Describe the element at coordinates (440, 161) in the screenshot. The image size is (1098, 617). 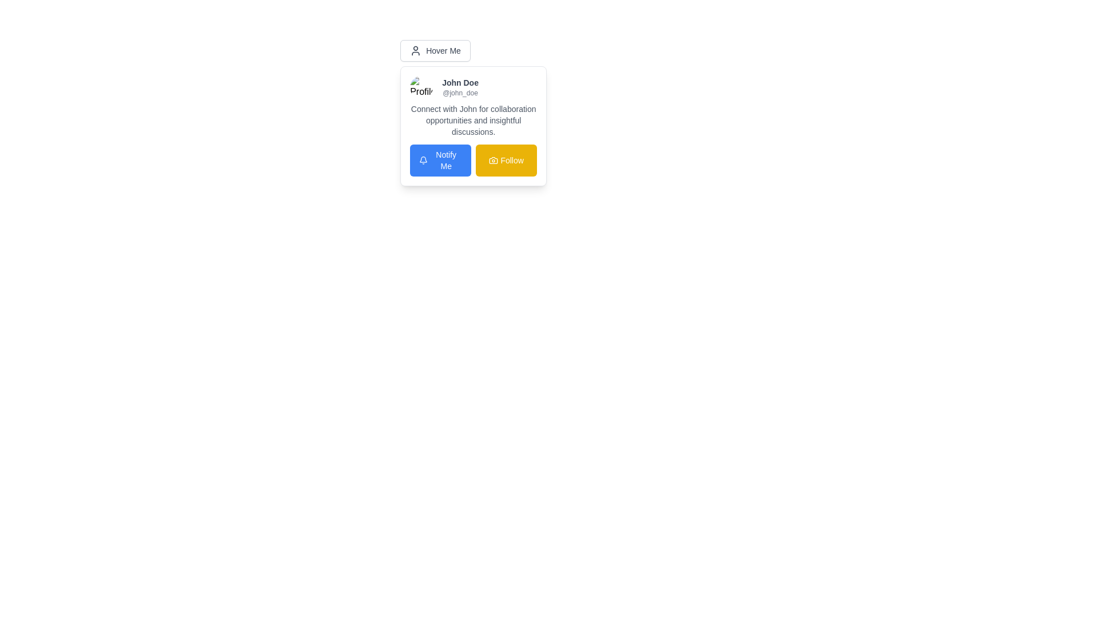
I see `the 'Notify Me' button with a bell icon` at that location.